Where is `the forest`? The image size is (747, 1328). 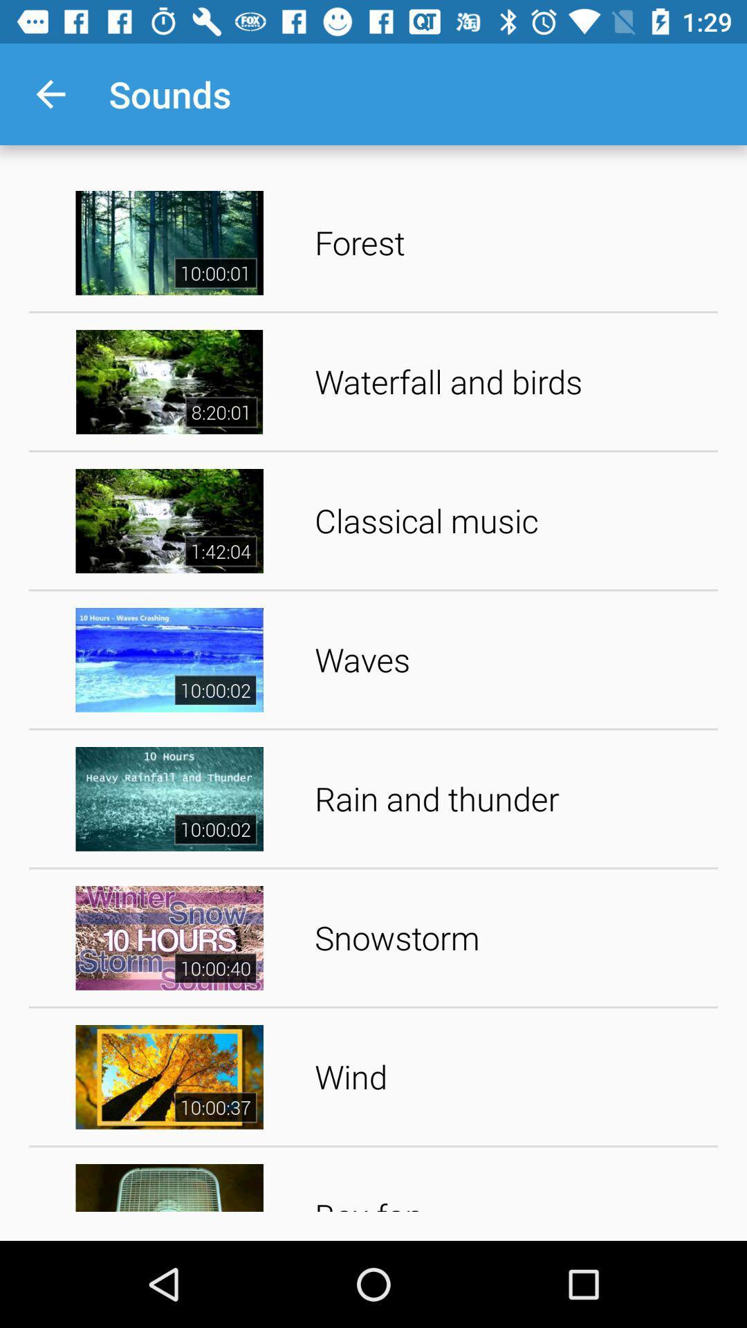 the forest is located at coordinates (511, 242).